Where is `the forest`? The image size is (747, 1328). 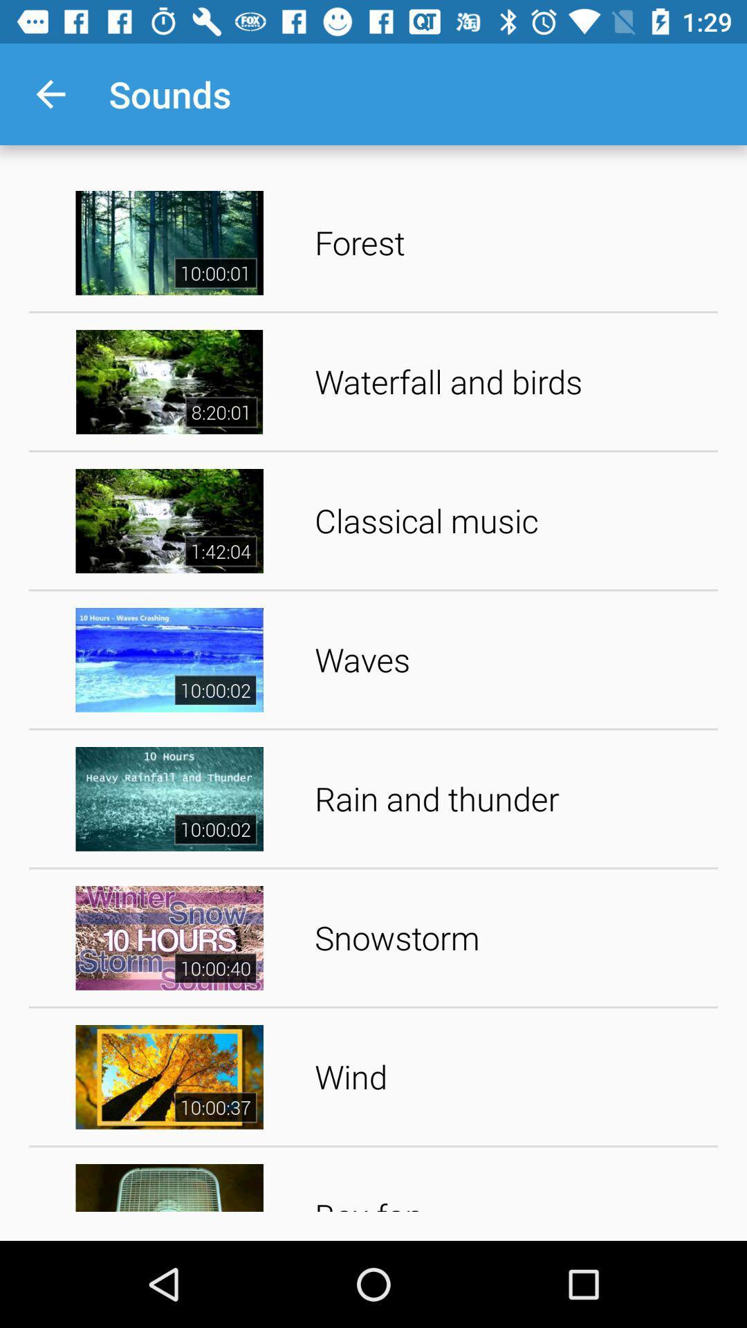 the forest is located at coordinates (511, 242).